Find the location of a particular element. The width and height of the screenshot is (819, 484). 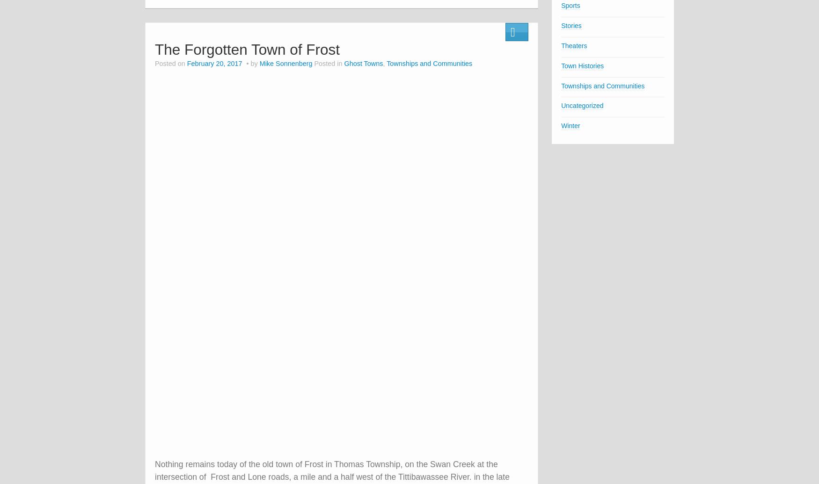

',' is located at coordinates (382, 63).